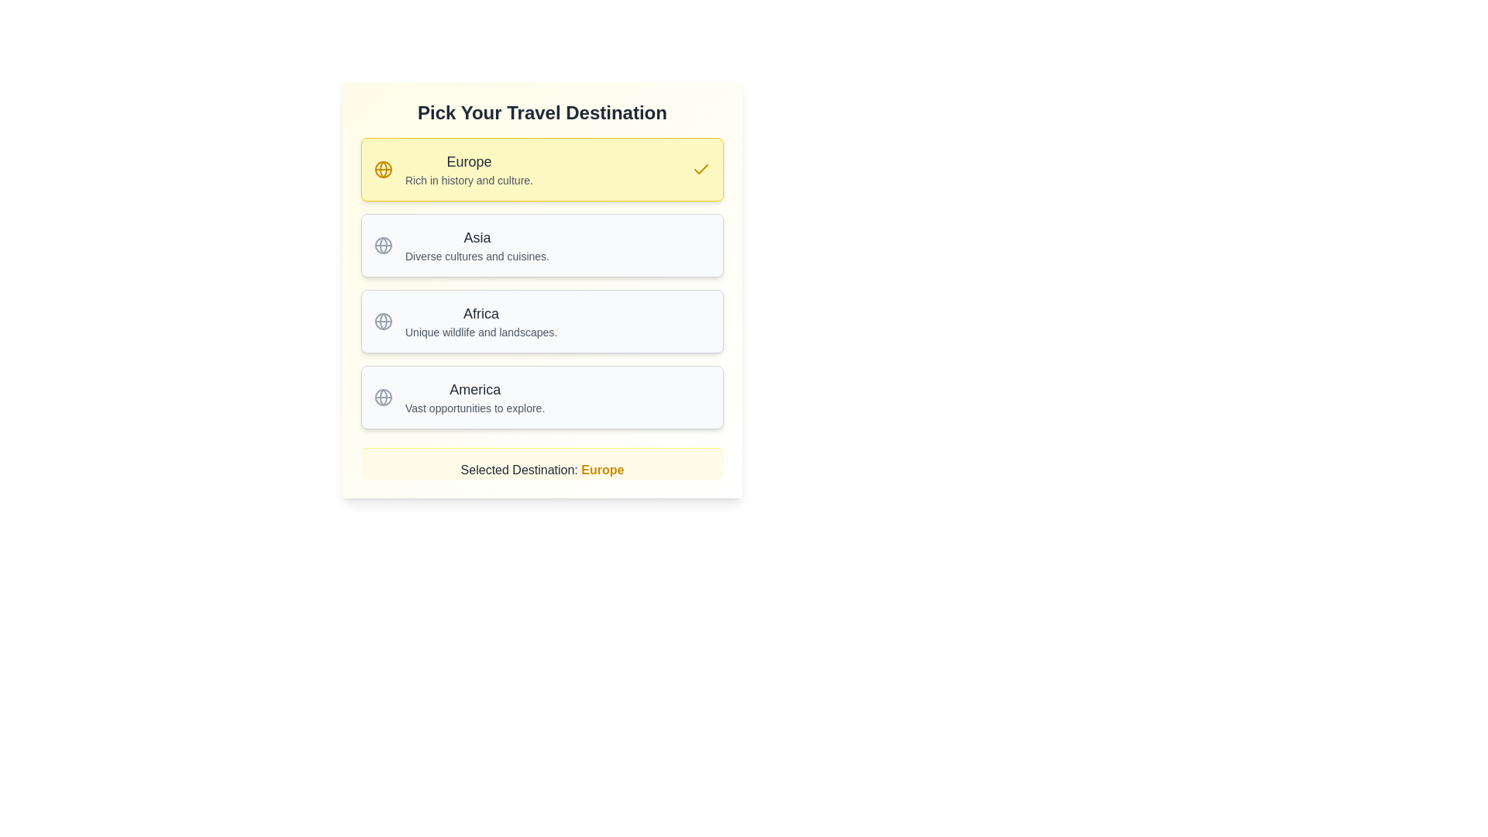  I want to click on the informative text content displaying 'Asia' and 'Diverse cultures and cuisines', which is the second option in a vertical stack of four blocks, so click(476, 244).